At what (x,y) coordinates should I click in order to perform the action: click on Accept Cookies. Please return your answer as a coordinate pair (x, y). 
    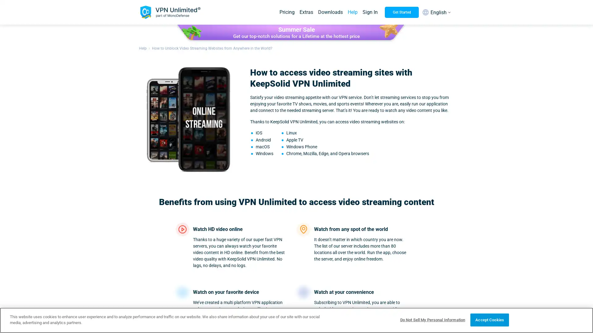
    Looking at the image, I should click on (489, 319).